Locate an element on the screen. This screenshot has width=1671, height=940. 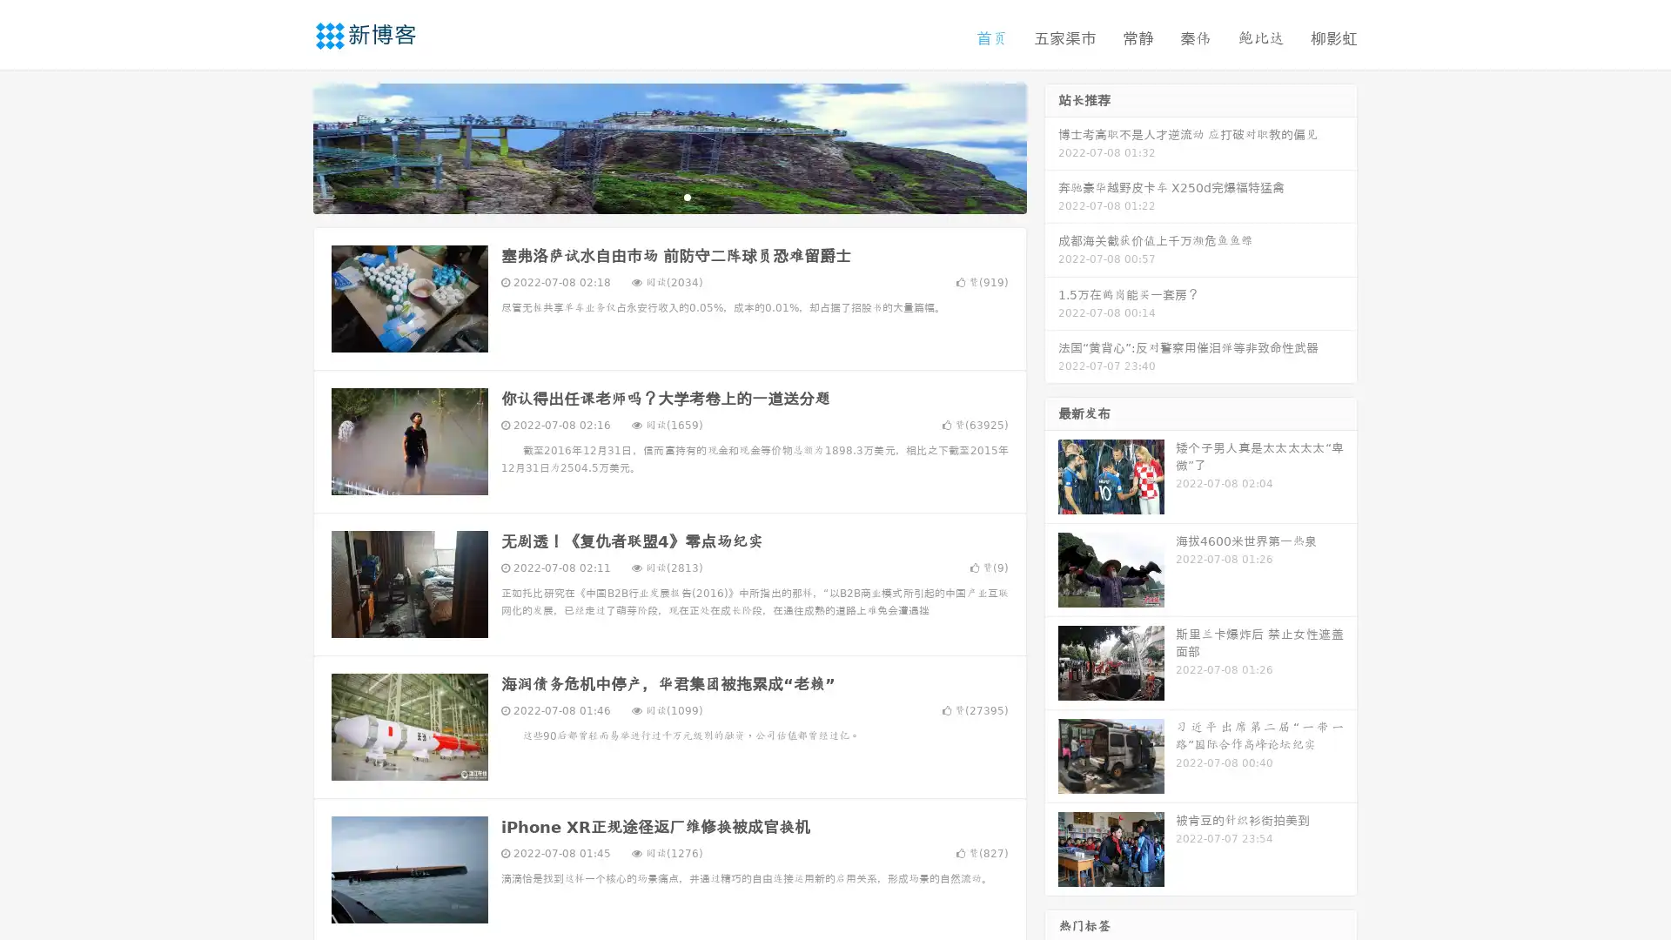
Next slide is located at coordinates (1051, 146).